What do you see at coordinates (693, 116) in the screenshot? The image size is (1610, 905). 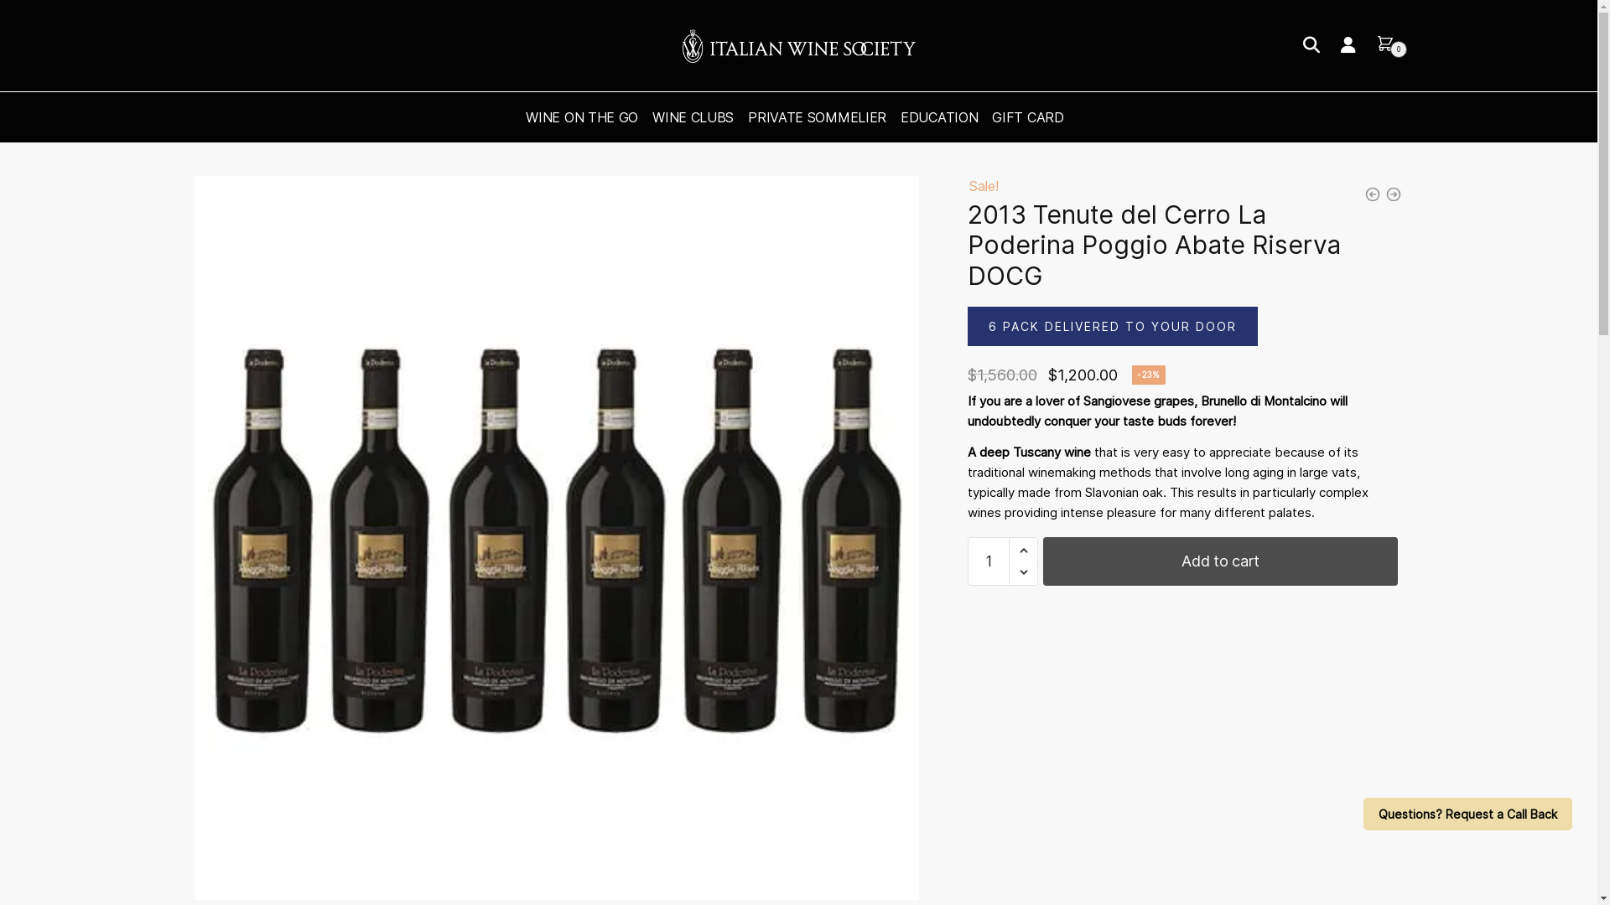 I see `'WINE CLUBS'` at bounding box center [693, 116].